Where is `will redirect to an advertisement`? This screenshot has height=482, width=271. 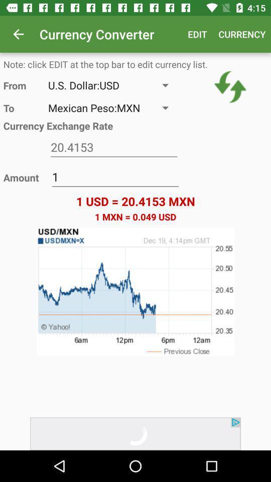 will redirect to an advertisement is located at coordinates (135, 433).